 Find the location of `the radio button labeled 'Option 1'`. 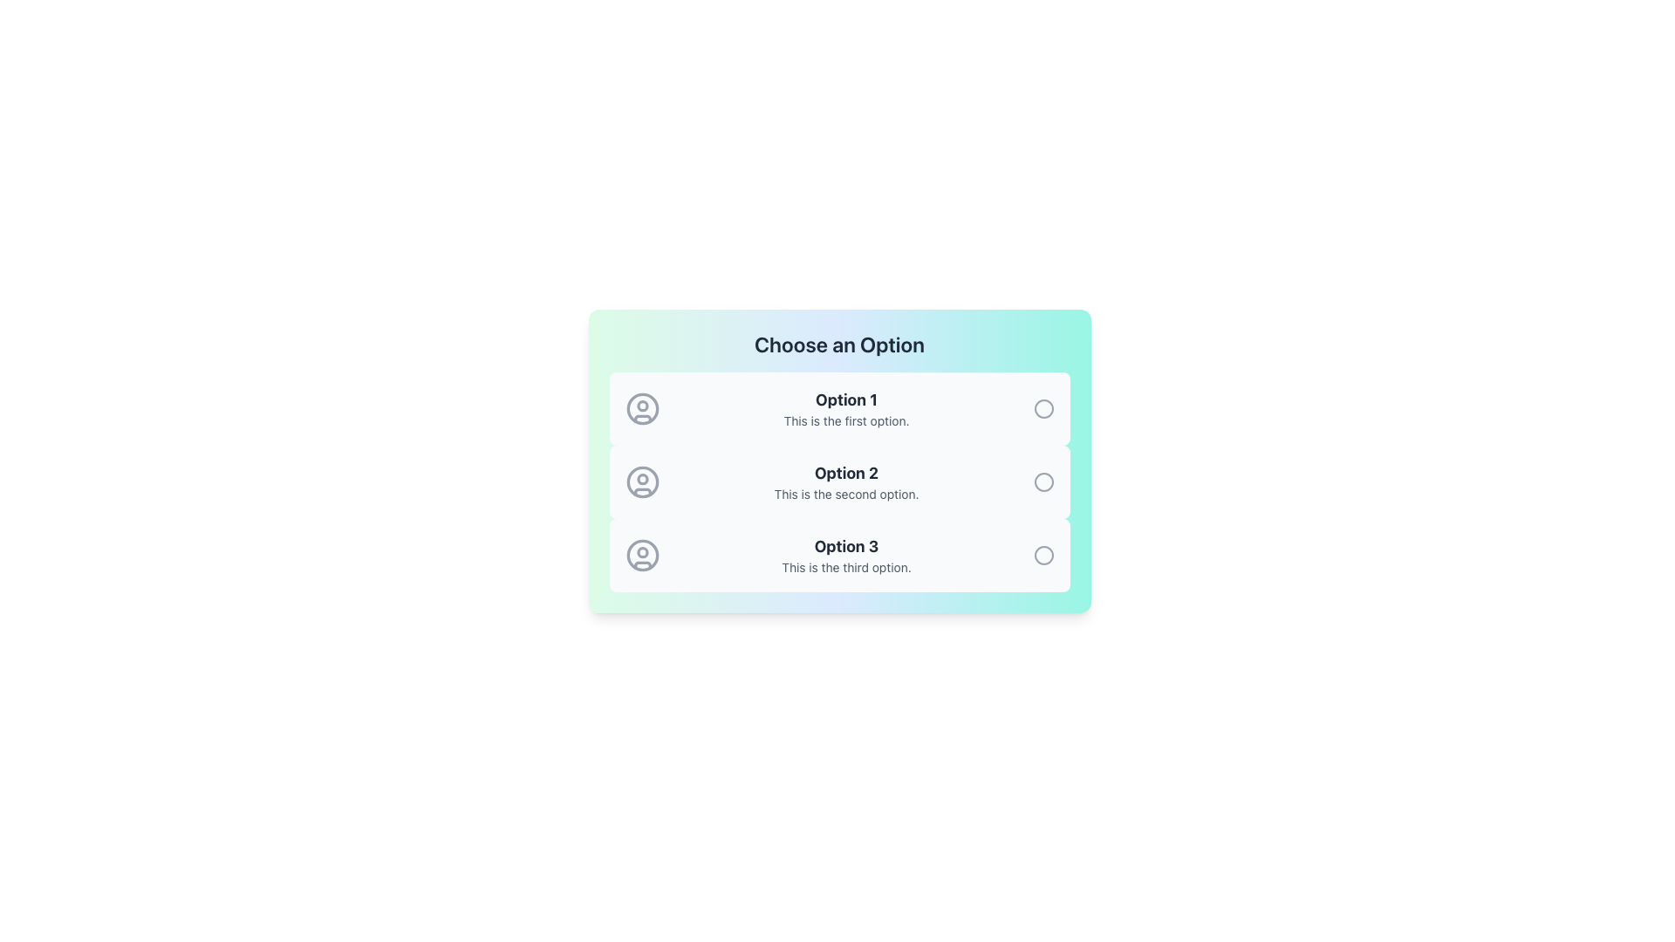

the radio button labeled 'Option 1' is located at coordinates (1043, 409).